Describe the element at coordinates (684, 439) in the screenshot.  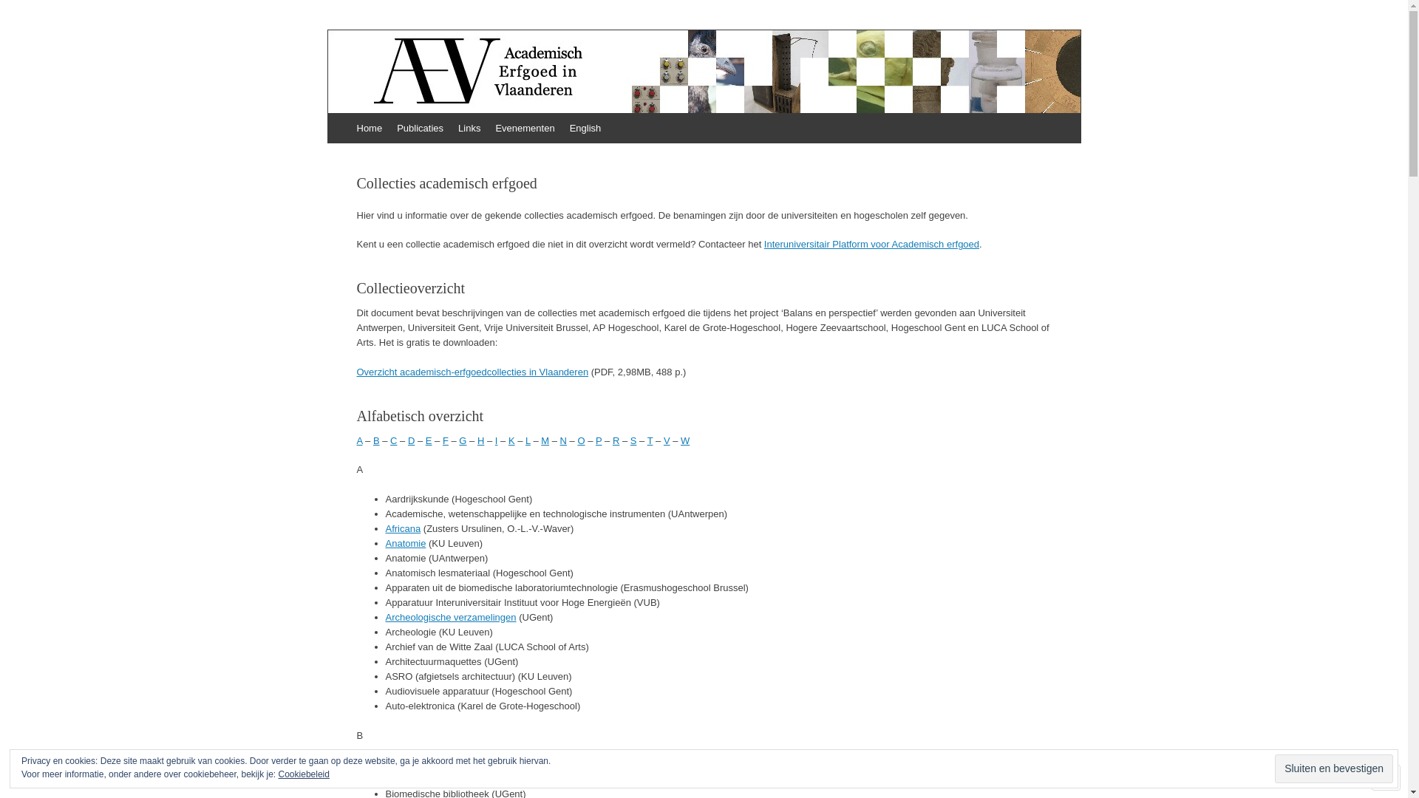
I see `'W'` at that location.